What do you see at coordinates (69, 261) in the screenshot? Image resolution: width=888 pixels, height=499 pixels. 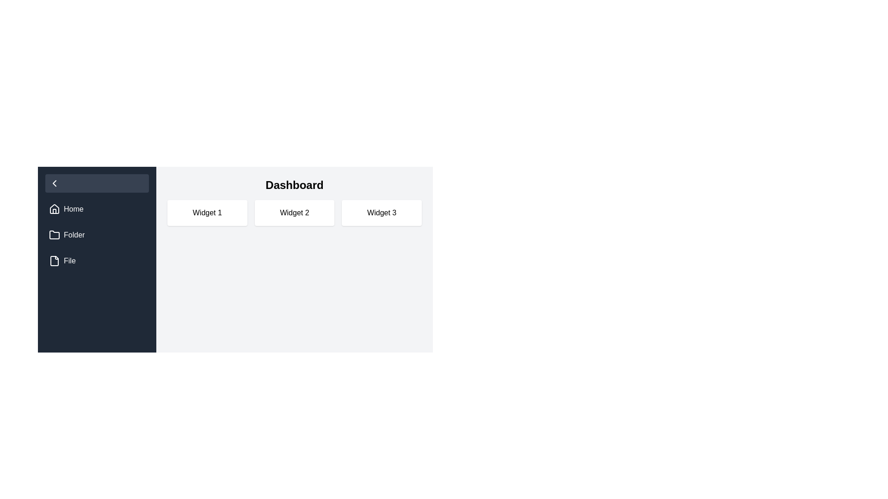 I see `the text label displaying 'File' in white font, which is part of a vertical navigation menu with a dark background, located at the bottom area of the menu` at bounding box center [69, 261].